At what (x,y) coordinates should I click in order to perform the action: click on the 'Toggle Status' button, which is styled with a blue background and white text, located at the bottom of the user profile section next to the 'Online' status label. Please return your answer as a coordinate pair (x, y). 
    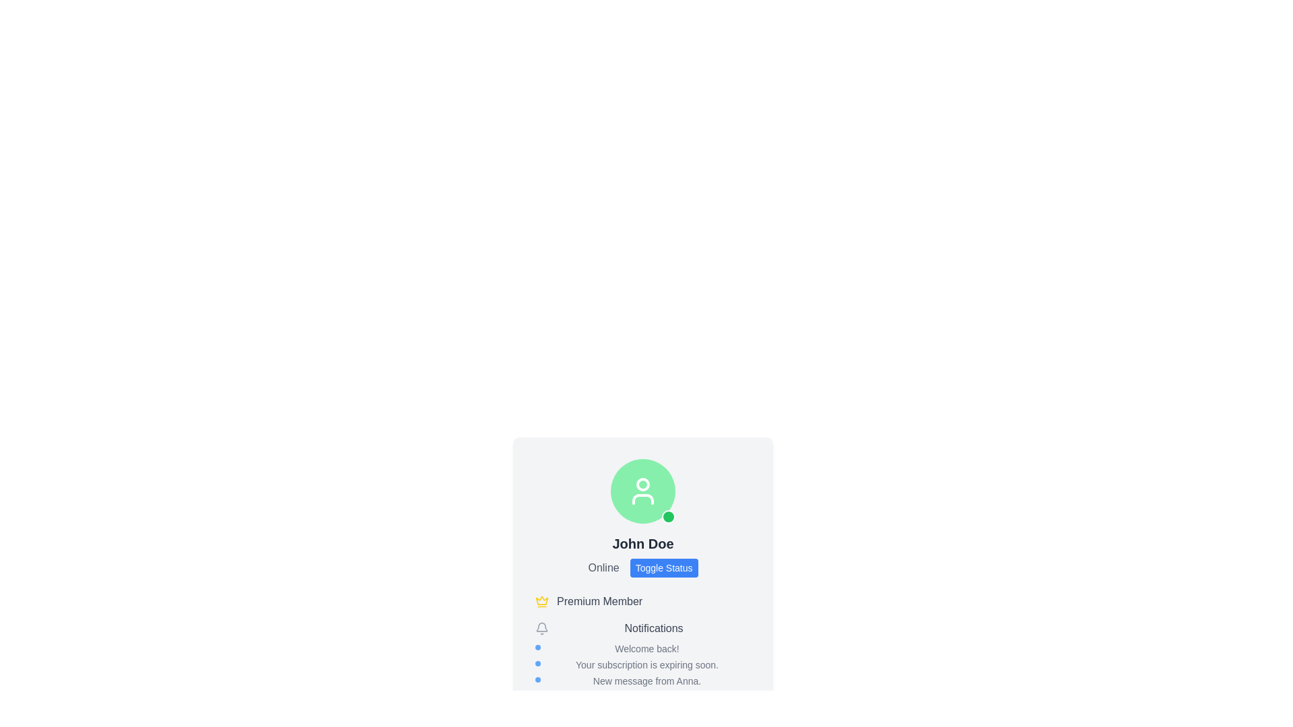
    Looking at the image, I should click on (642, 568).